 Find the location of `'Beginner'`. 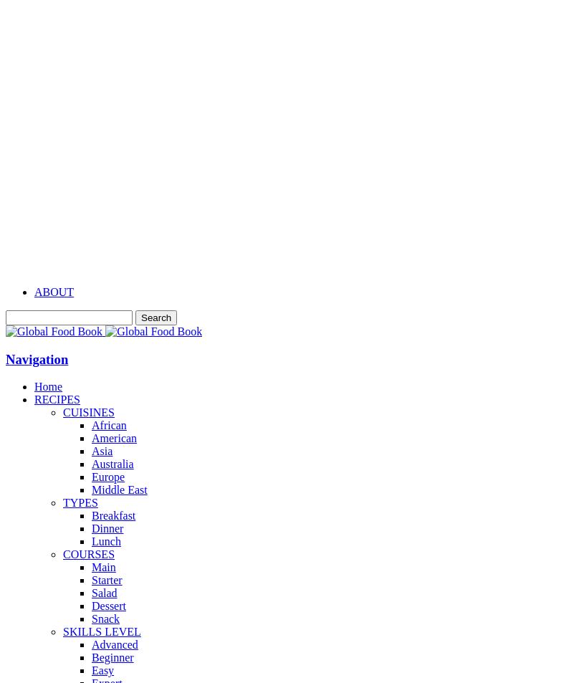

'Beginner' is located at coordinates (90, 657).